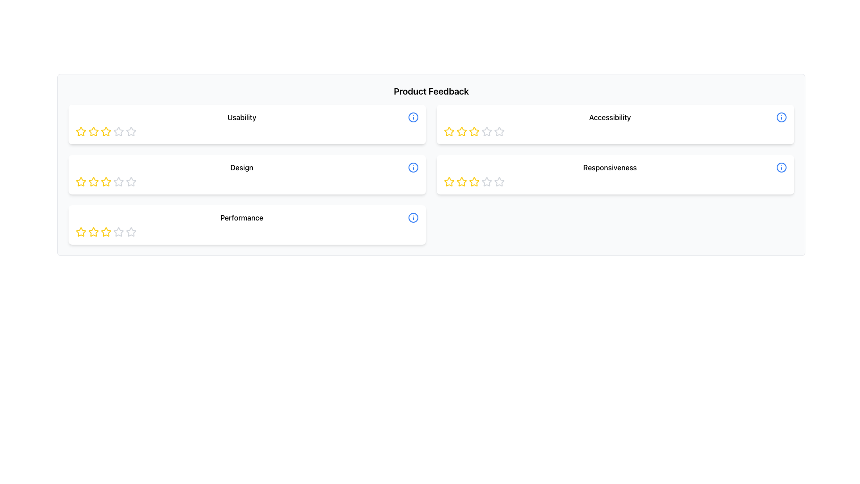 The width and height of the screenshot is (860, 484). I want to click on the first yellow star icon in the Usability feedback section, so click(81, 131).